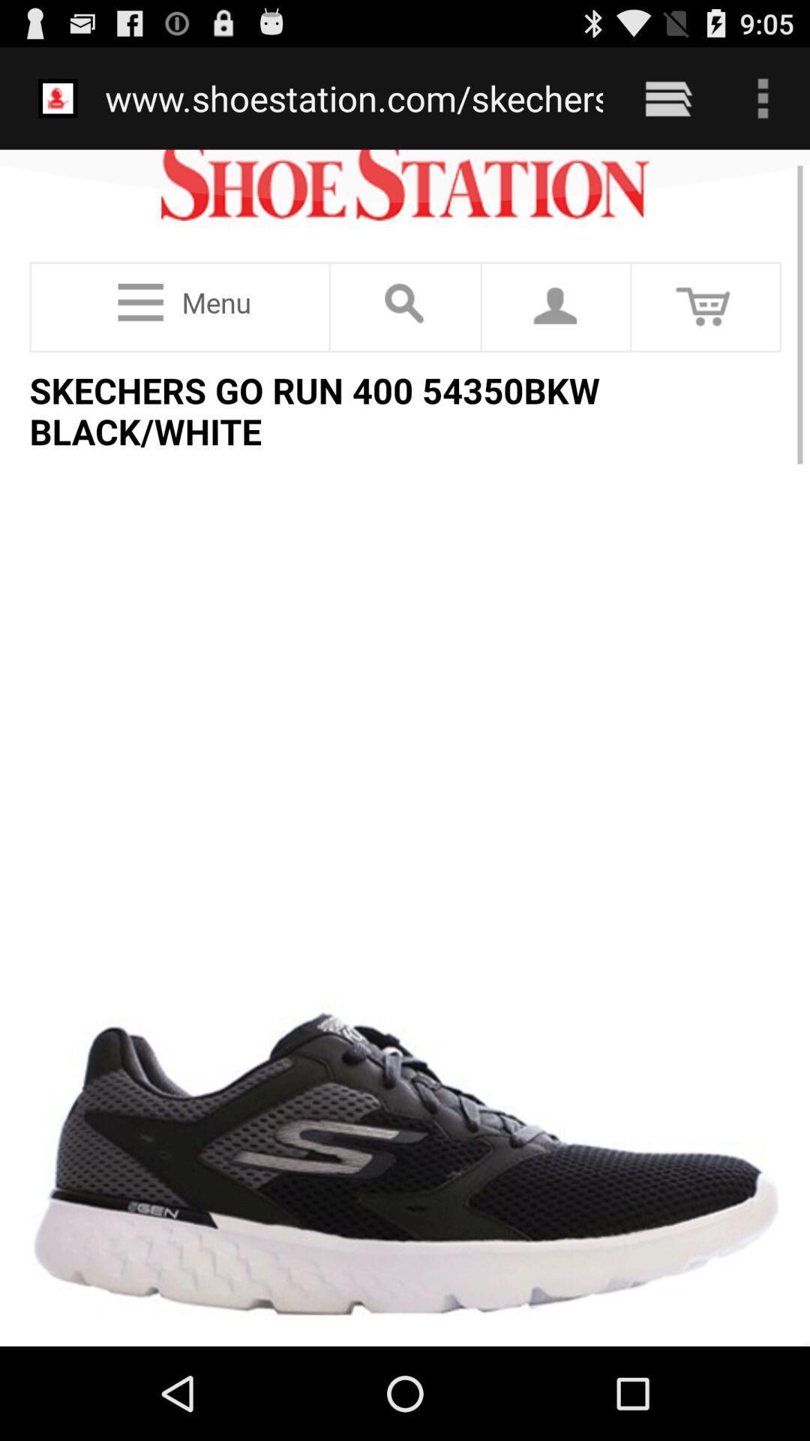 Image resolution: width=810 pixels, height=1441 pixels. What do you see at coordinates (763, 104) in the screenshot?
I see `the more icon` at bounding box center [763, 104].